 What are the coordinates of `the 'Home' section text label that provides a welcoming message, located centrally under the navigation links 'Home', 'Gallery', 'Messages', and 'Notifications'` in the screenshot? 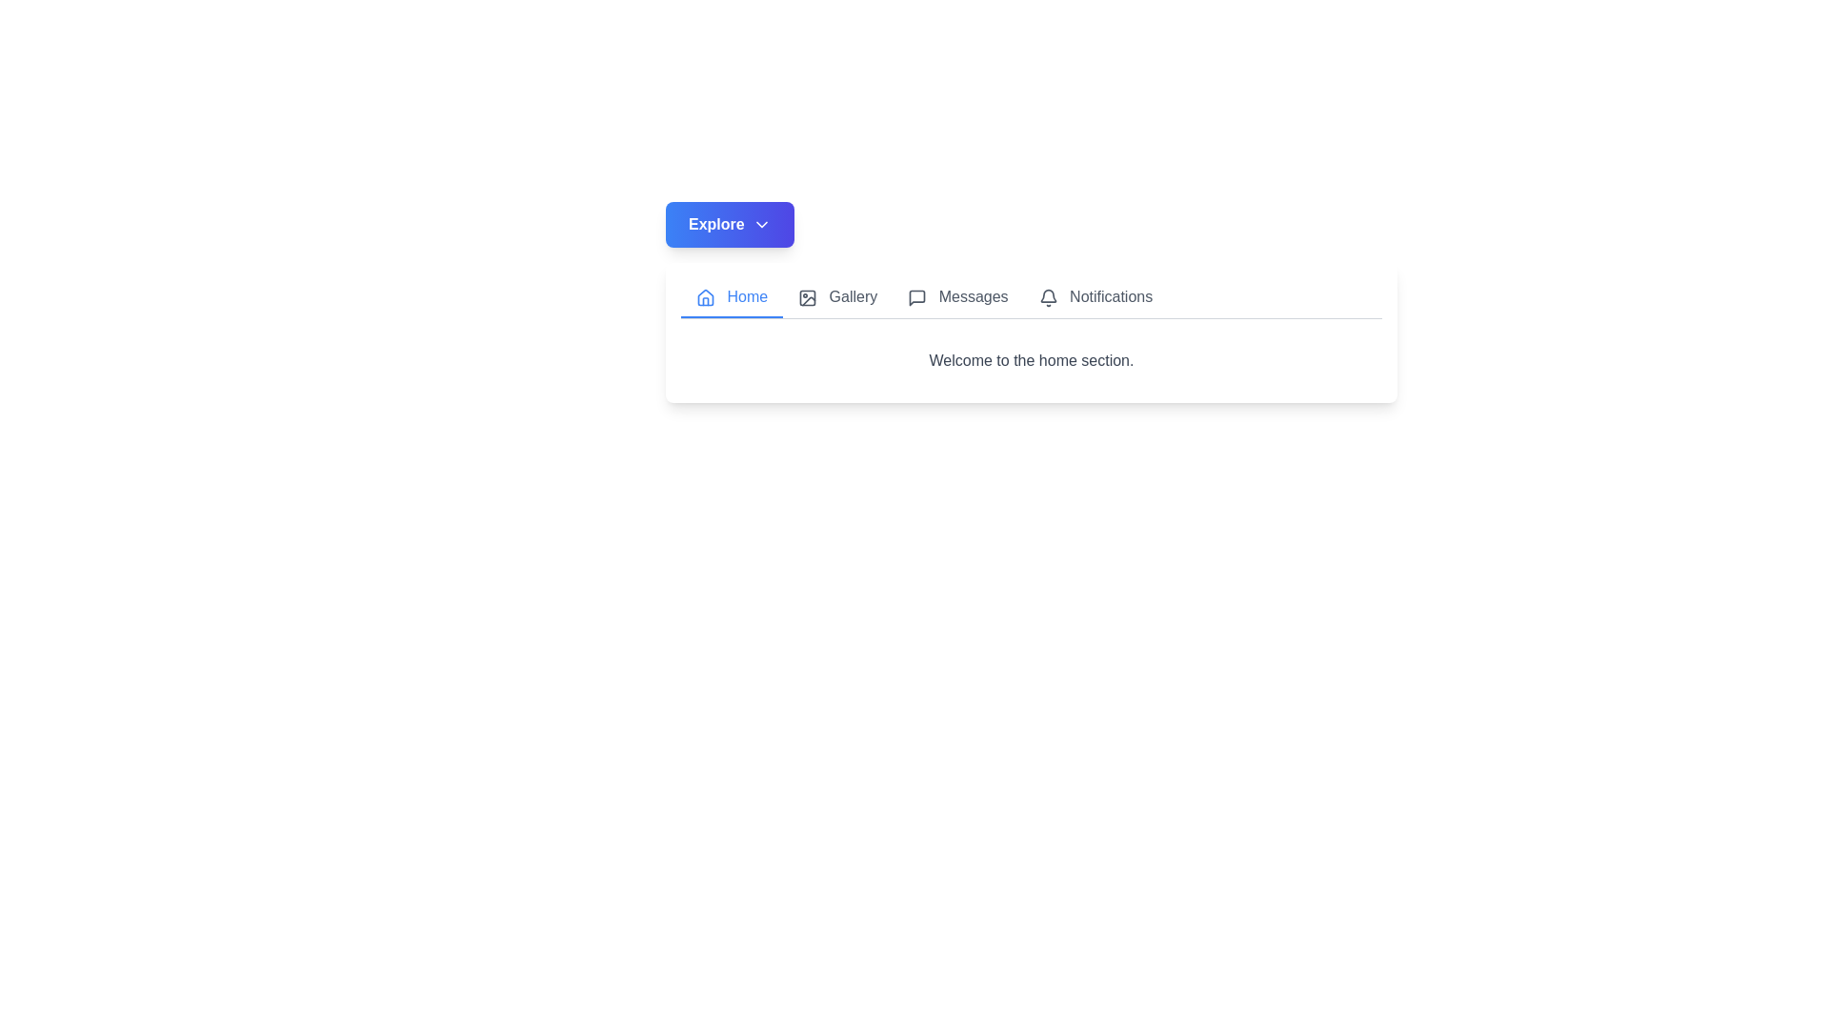 It's located at (1031, 360).